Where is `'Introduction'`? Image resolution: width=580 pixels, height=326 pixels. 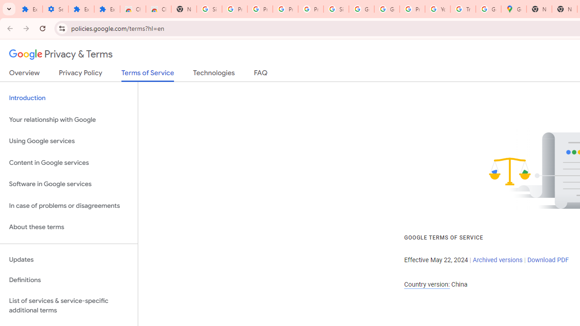 'Introduction' is located at coordinates (68, 98).